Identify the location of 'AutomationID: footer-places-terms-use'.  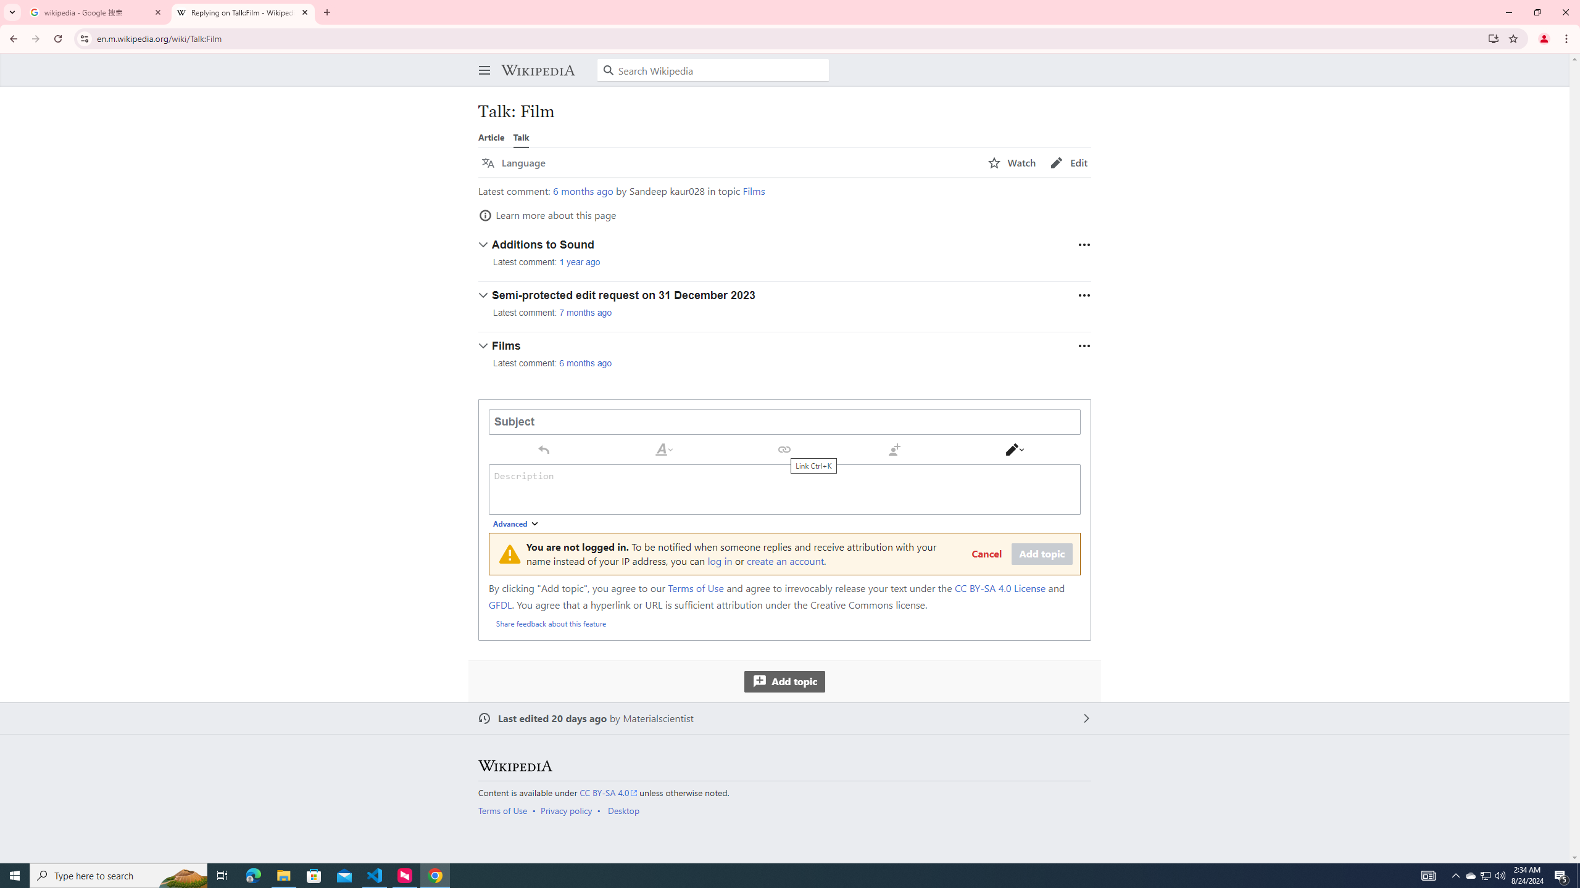
(505, 810).